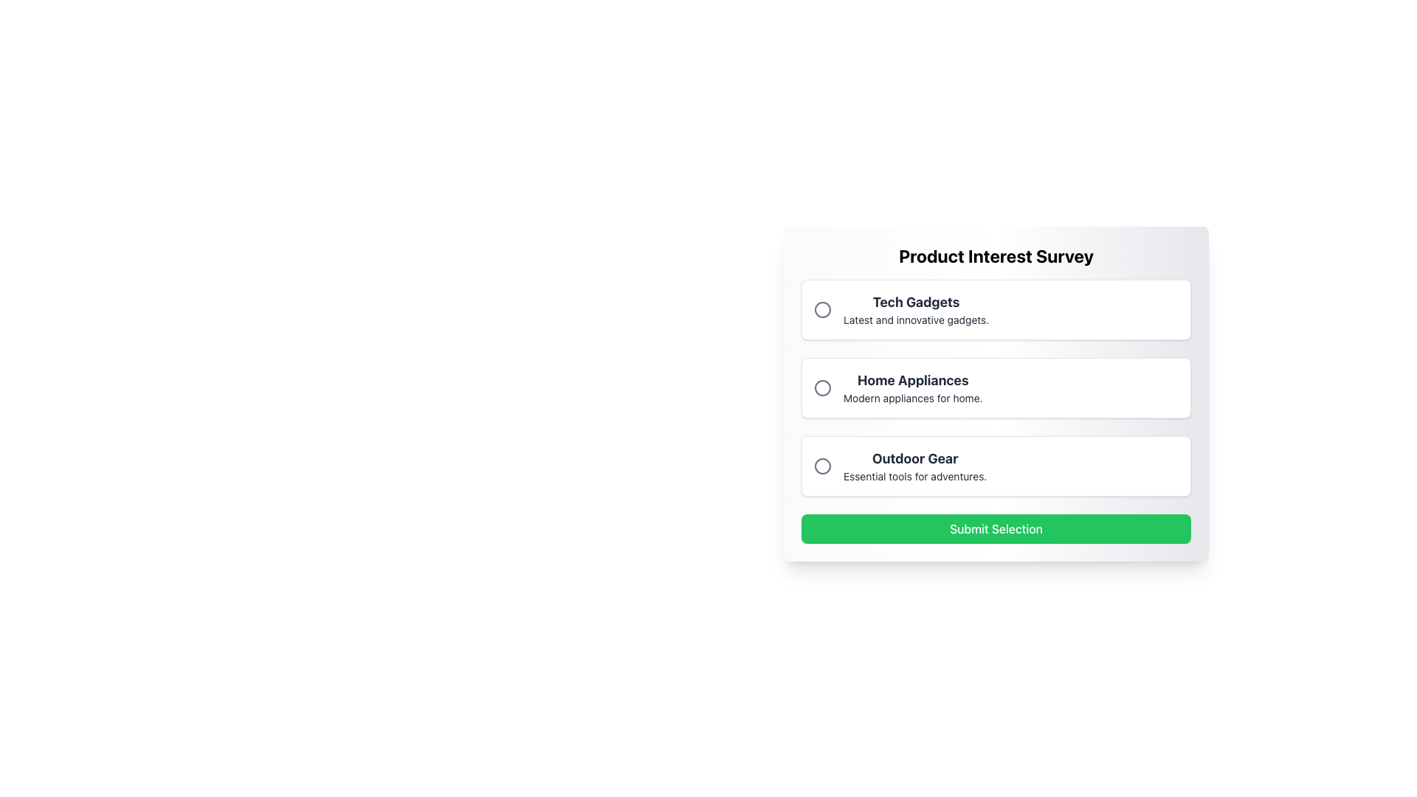 This screenshot has width=1417, height=797. What do you see at coordinates (914, 466) in the screenshot?
I see `the third selectable option labeled for outdoor gear in the survey interface` at bounding box center [914, 466].